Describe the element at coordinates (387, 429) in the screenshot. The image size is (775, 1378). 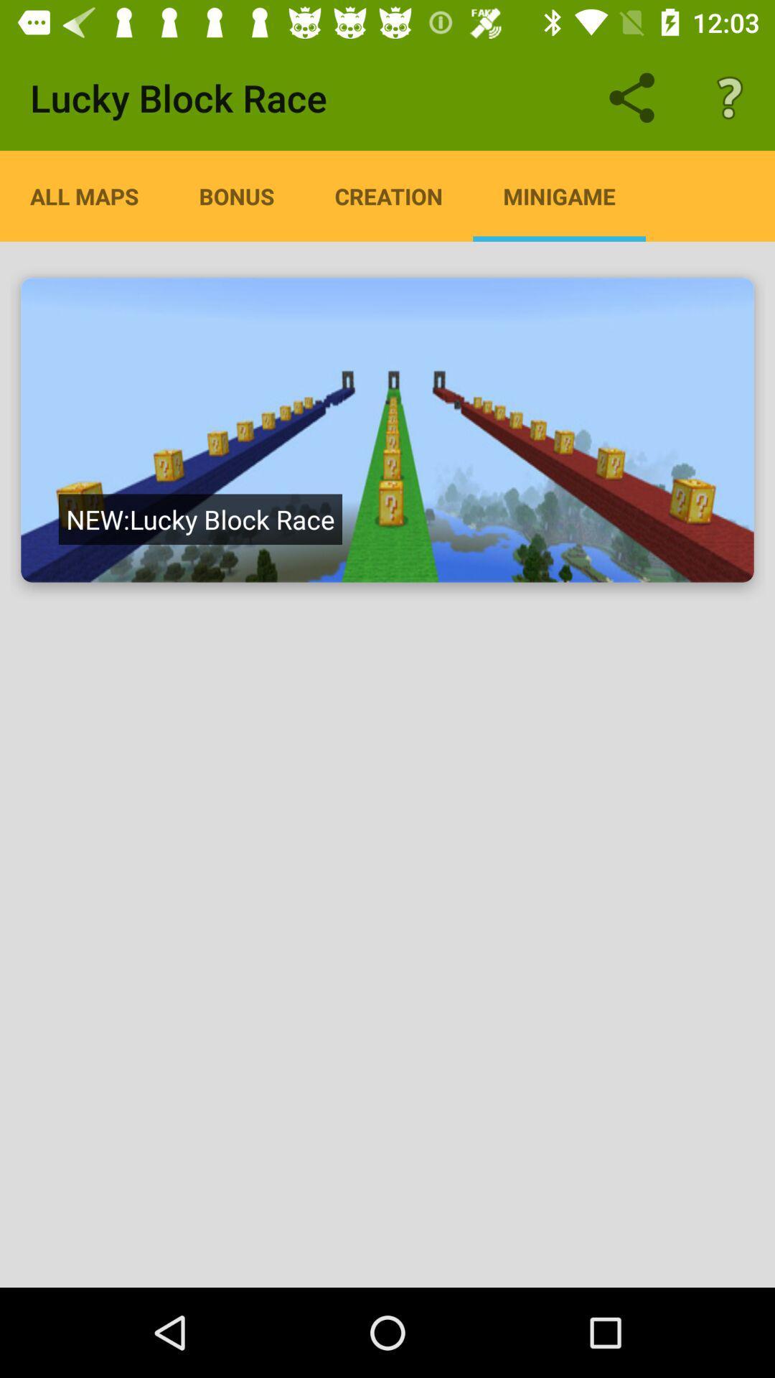
I see `game` at that location.